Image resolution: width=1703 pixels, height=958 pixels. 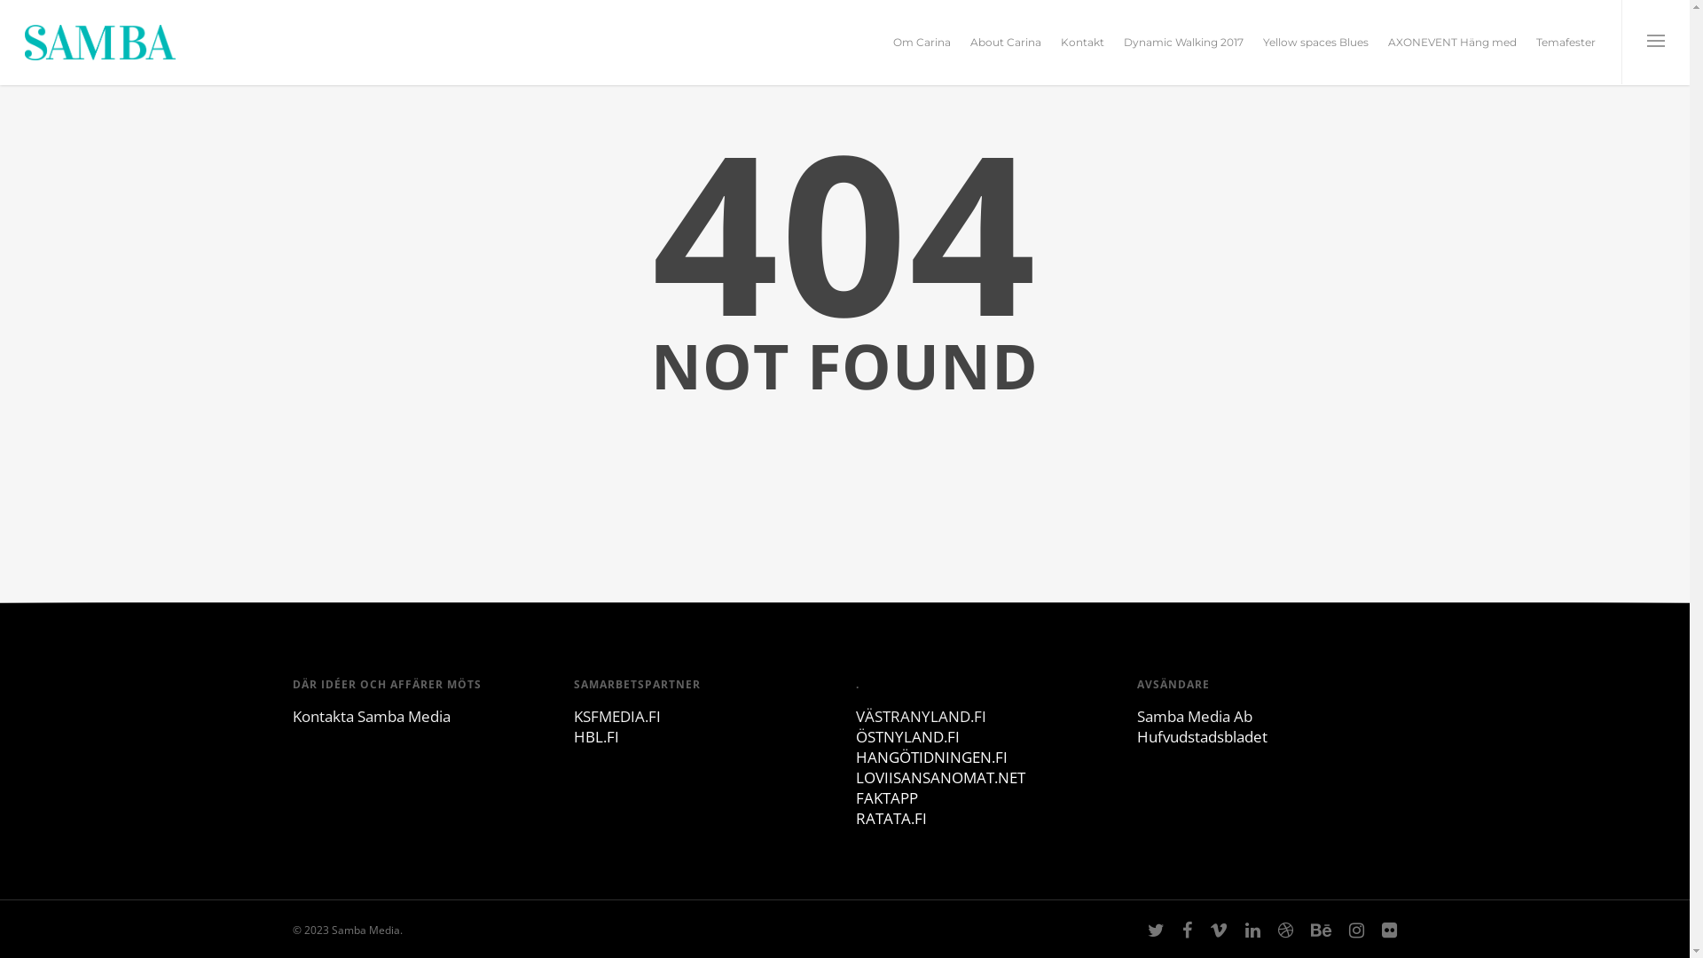 I want to click on 'HBL.FI', so click(x=596, y=736).